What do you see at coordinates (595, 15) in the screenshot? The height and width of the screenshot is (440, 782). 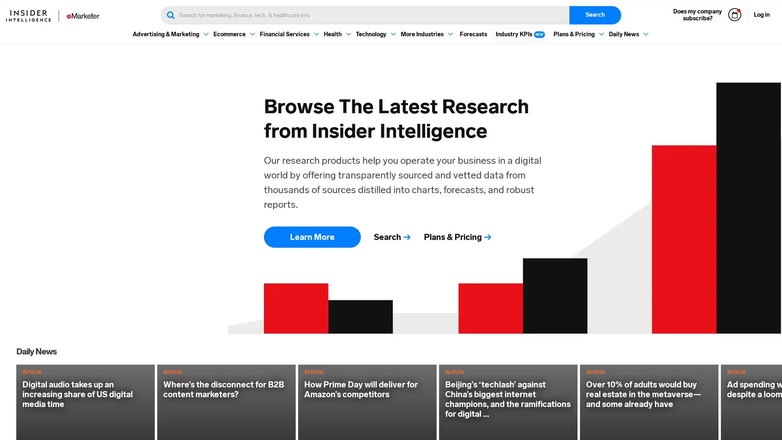 I see `Search` at bounding box center [595, 15].